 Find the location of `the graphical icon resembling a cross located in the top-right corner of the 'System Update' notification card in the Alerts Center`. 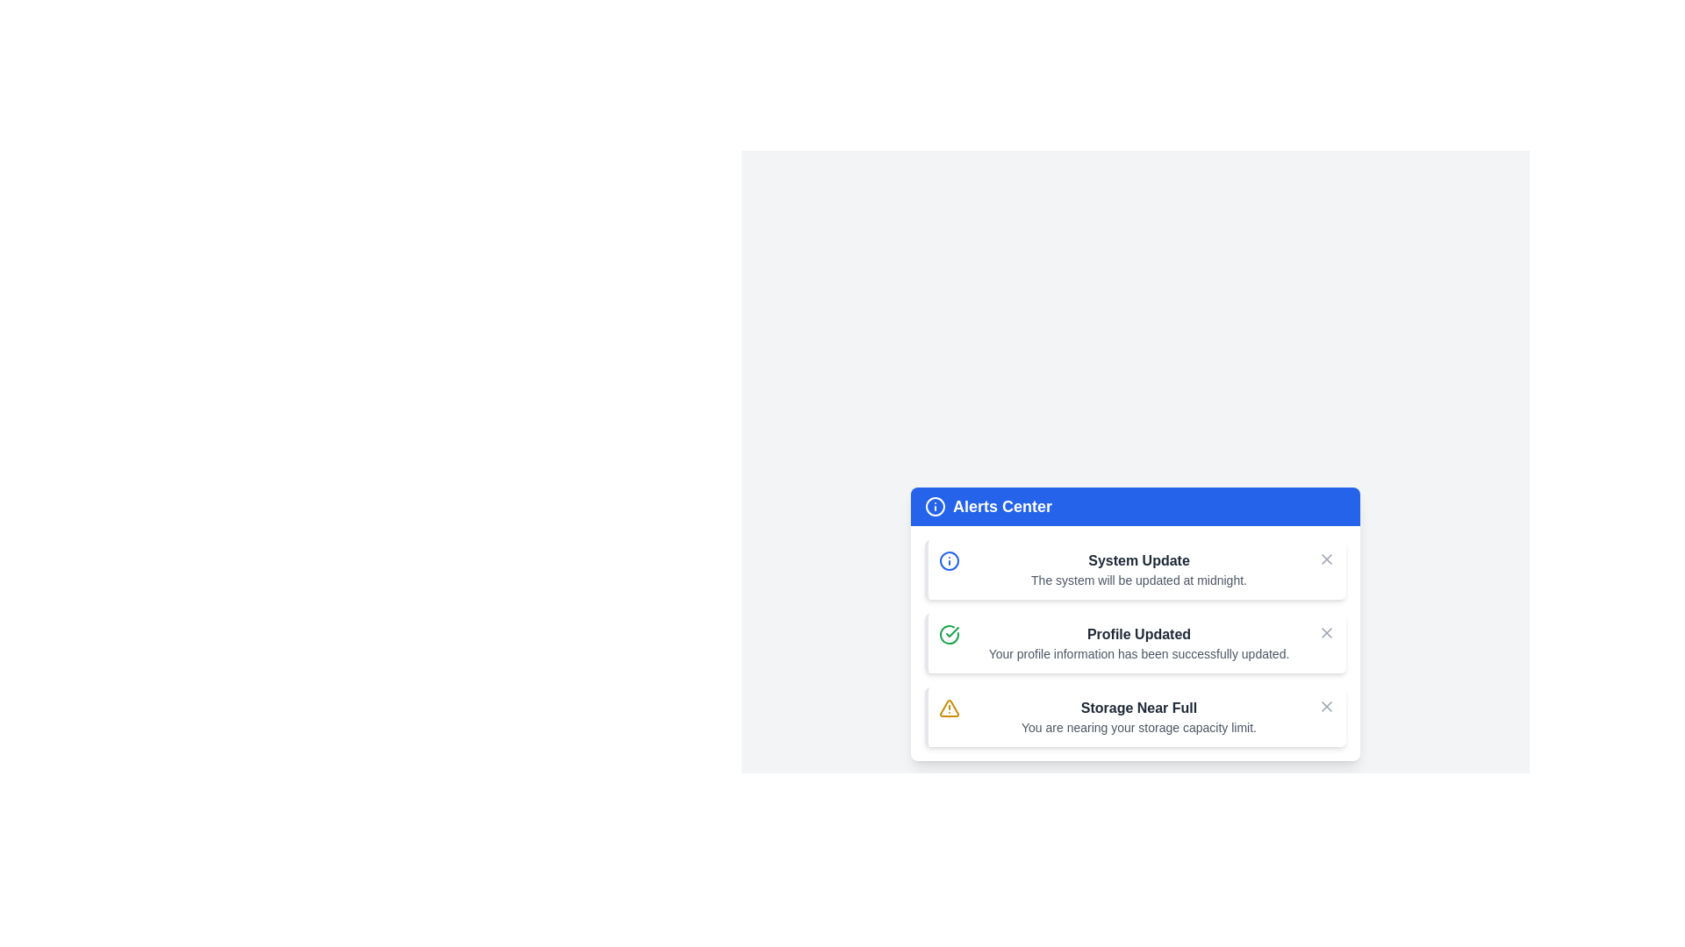

the graphical icon resembling a cross located in the top-right corner of the 'System Update' notification card in the Alerts Center is located at coordinates (1327, 706).